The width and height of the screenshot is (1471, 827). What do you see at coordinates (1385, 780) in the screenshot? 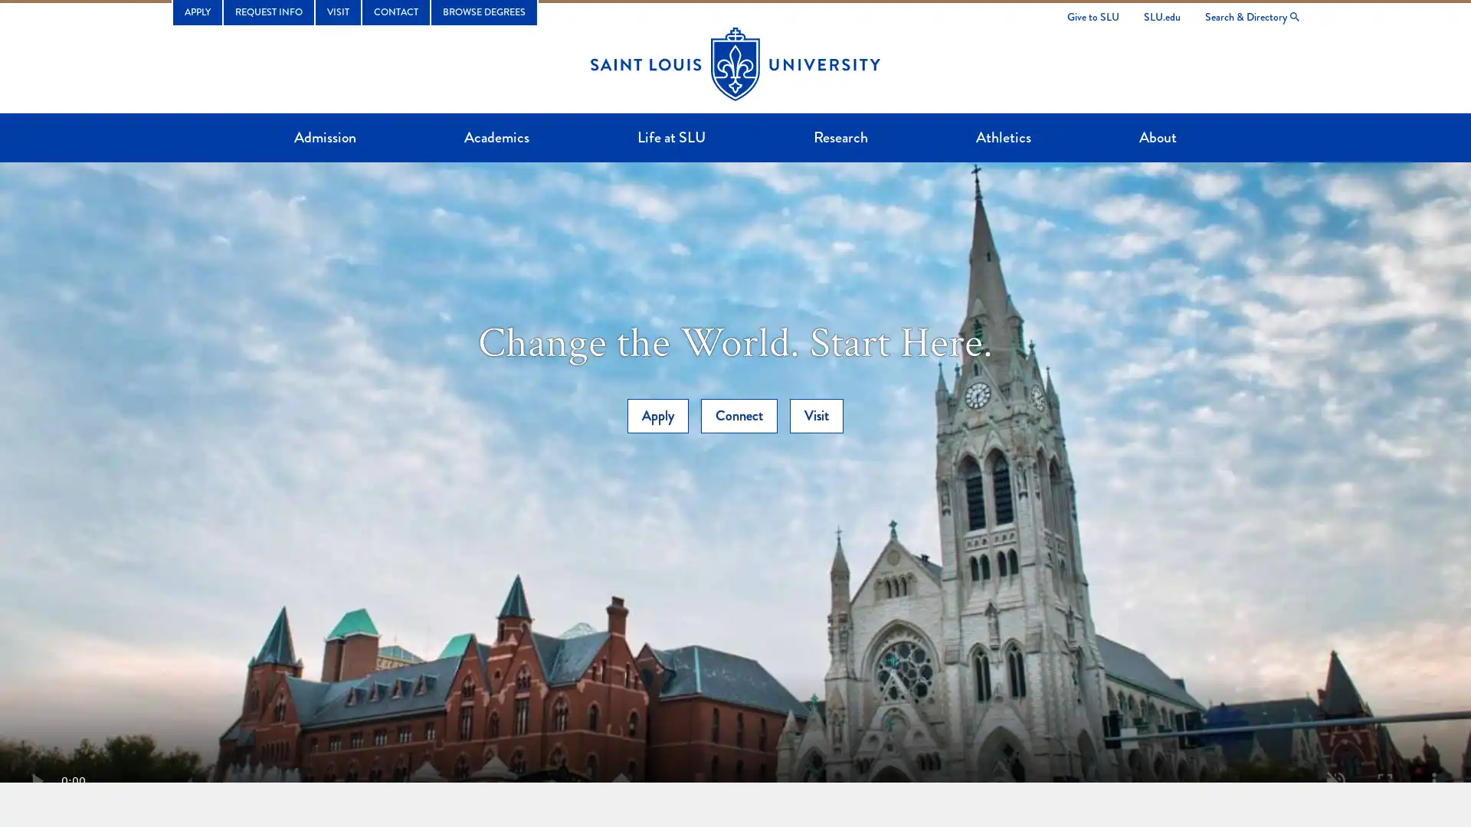
I see `enter full screen` at bounding box center [1385, 780].